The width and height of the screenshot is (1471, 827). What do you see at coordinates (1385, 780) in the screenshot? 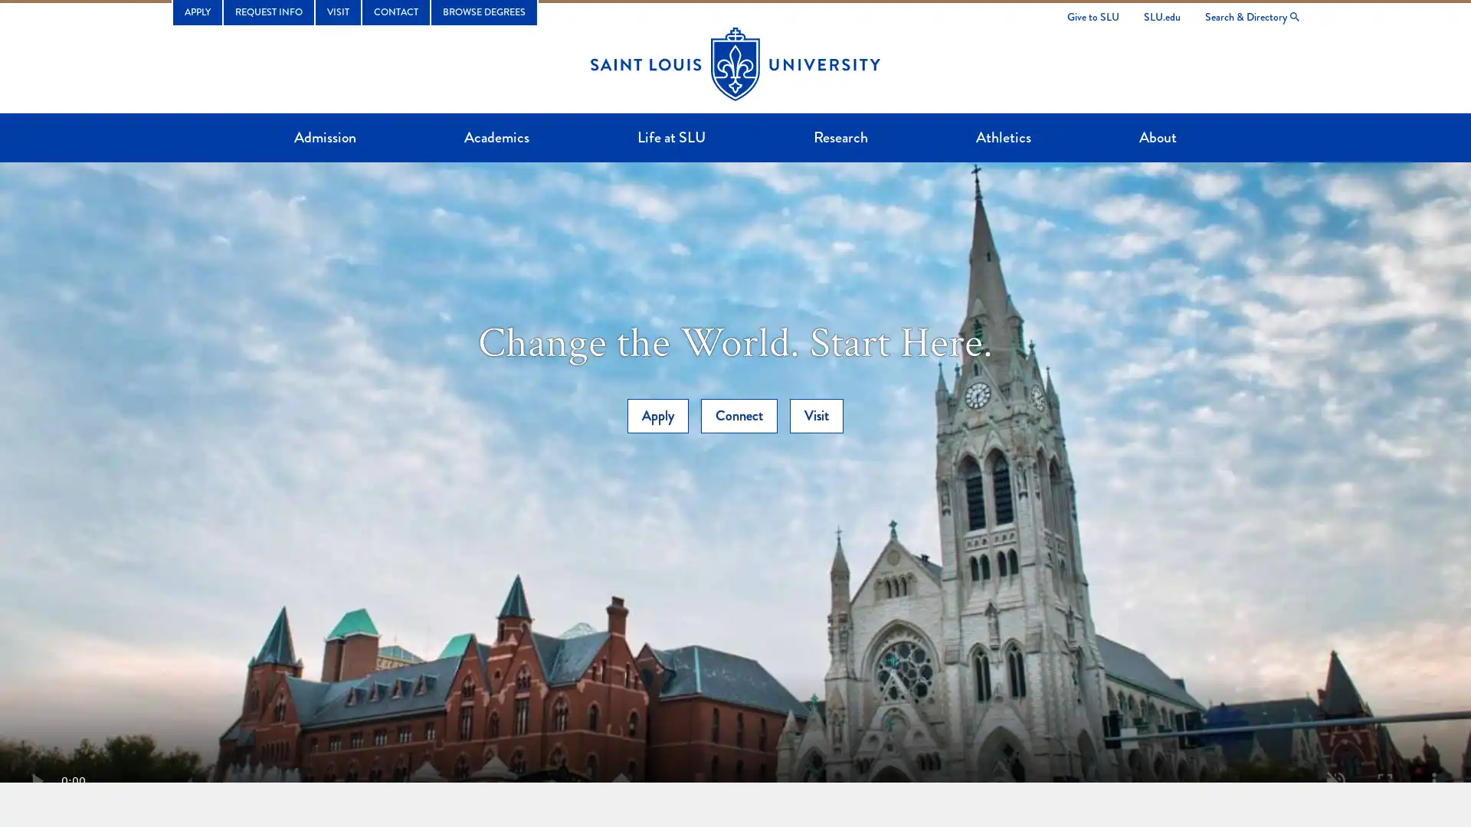
I see `enter full screen` at bounding box center [1385, 780].